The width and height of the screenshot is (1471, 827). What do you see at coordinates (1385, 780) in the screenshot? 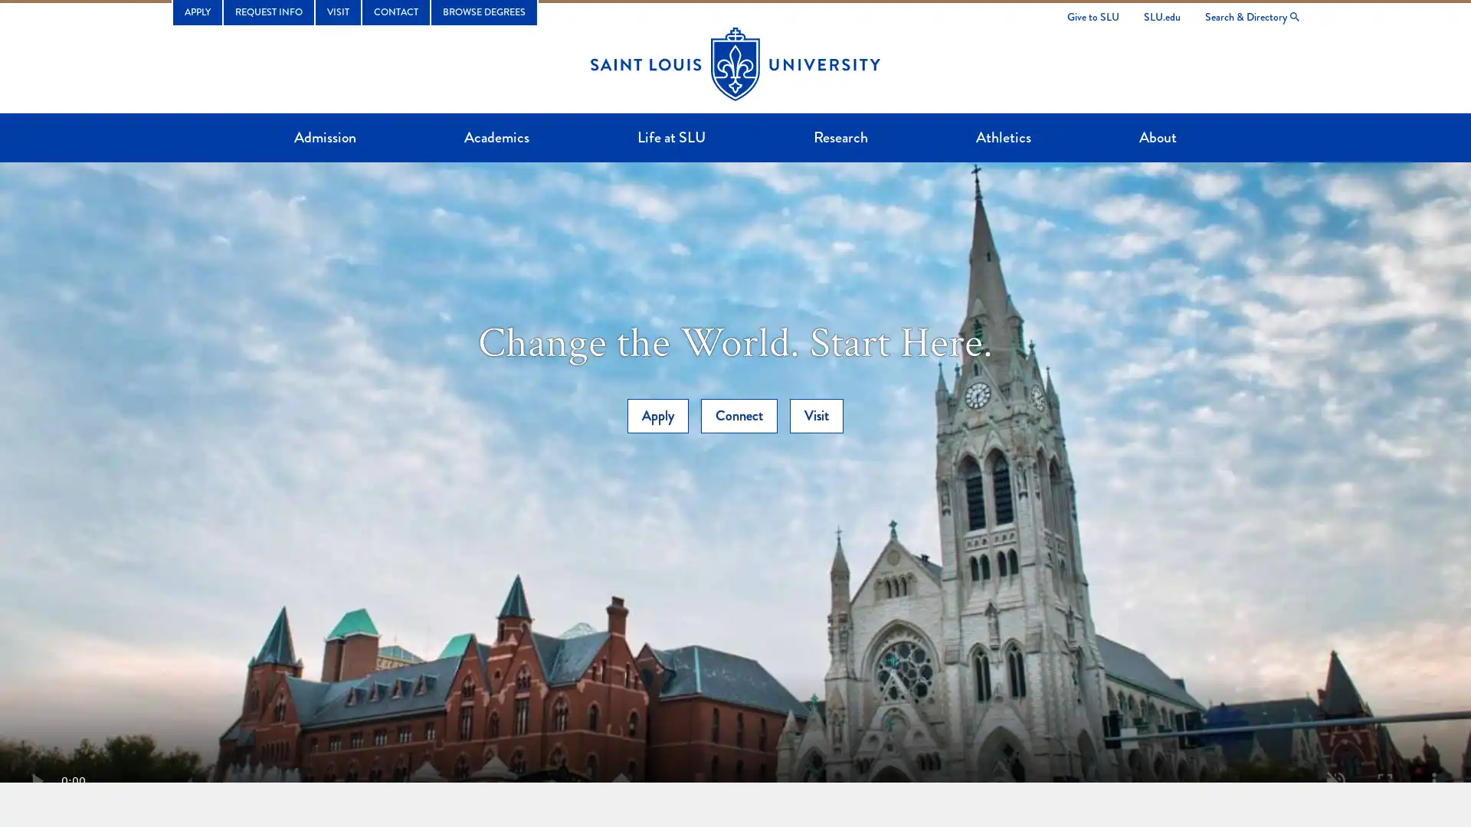
I see `enter full screen` at bounding box center [1385, 780].